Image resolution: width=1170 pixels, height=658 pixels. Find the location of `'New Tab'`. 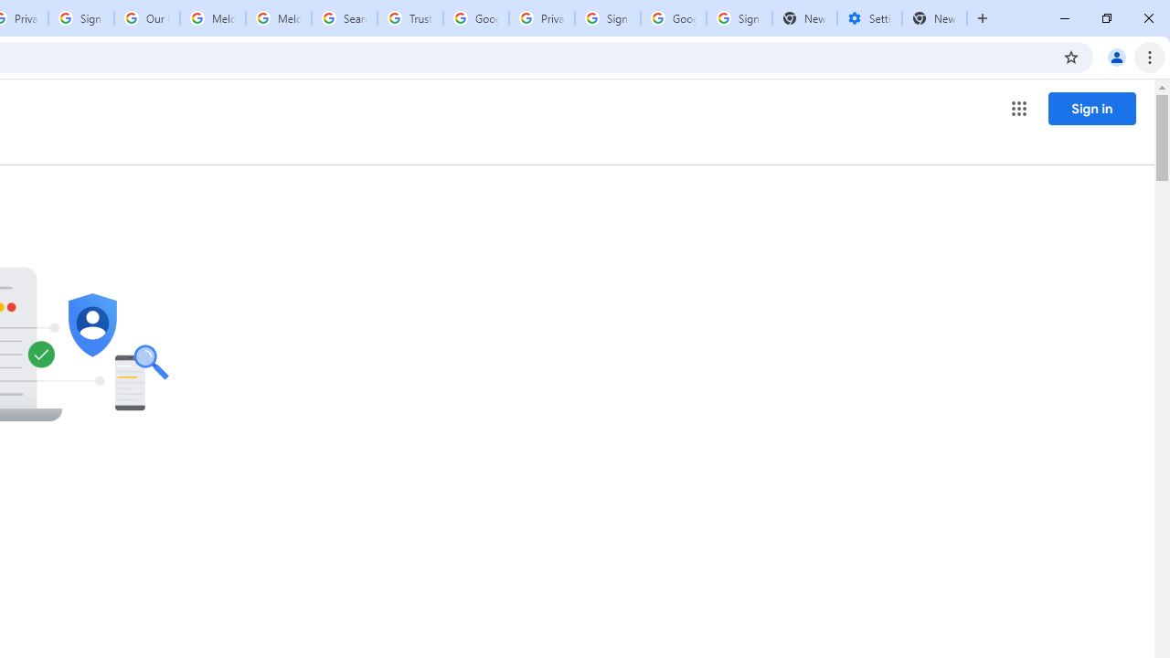

'New Tab' is located at coordinates (934, 18).